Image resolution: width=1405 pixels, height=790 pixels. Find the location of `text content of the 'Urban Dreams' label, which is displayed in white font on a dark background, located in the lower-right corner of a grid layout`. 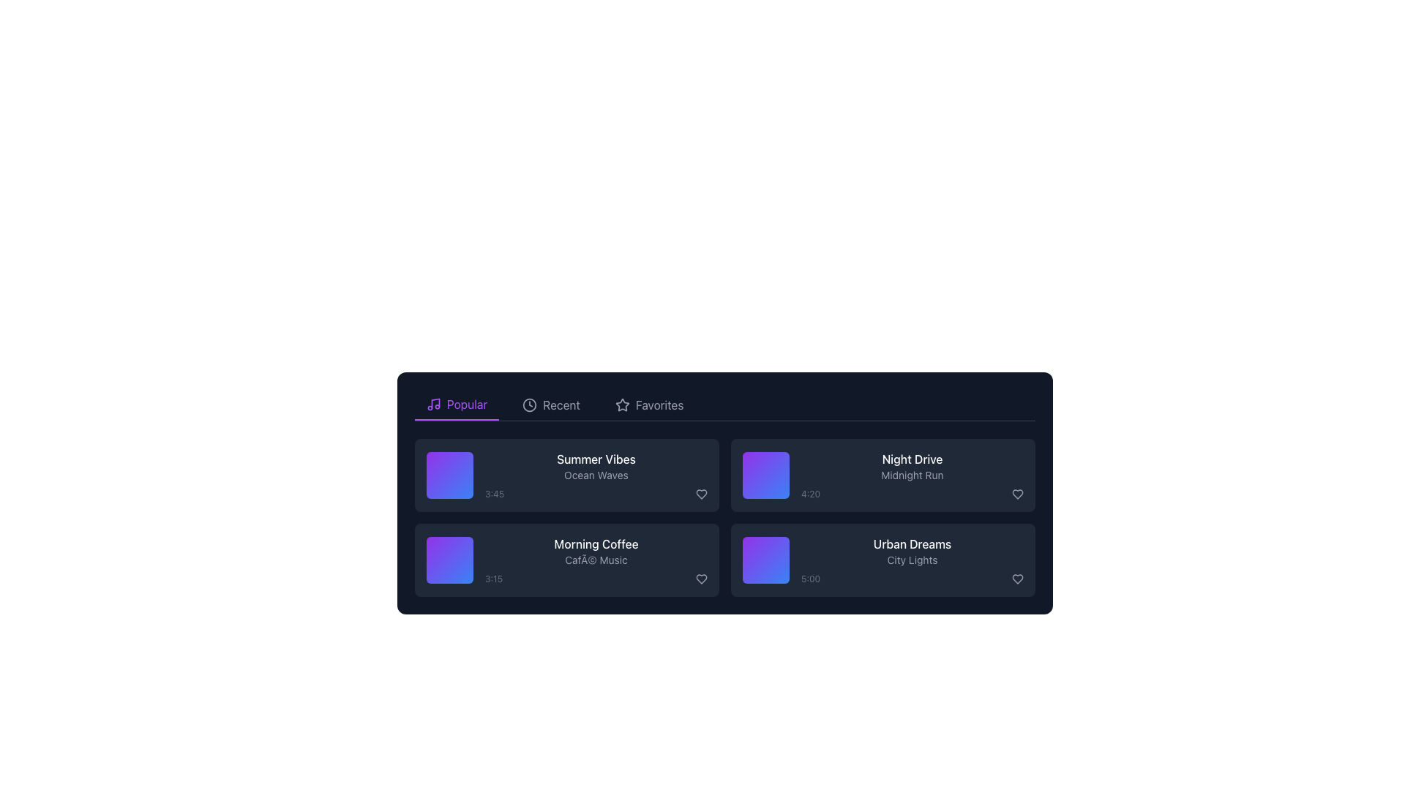

text content of the 'Urban Dreams' label, which is displayed in white font on a dark background, located in the lower-right corner of a grid layout is located at coordinates (912, 544).